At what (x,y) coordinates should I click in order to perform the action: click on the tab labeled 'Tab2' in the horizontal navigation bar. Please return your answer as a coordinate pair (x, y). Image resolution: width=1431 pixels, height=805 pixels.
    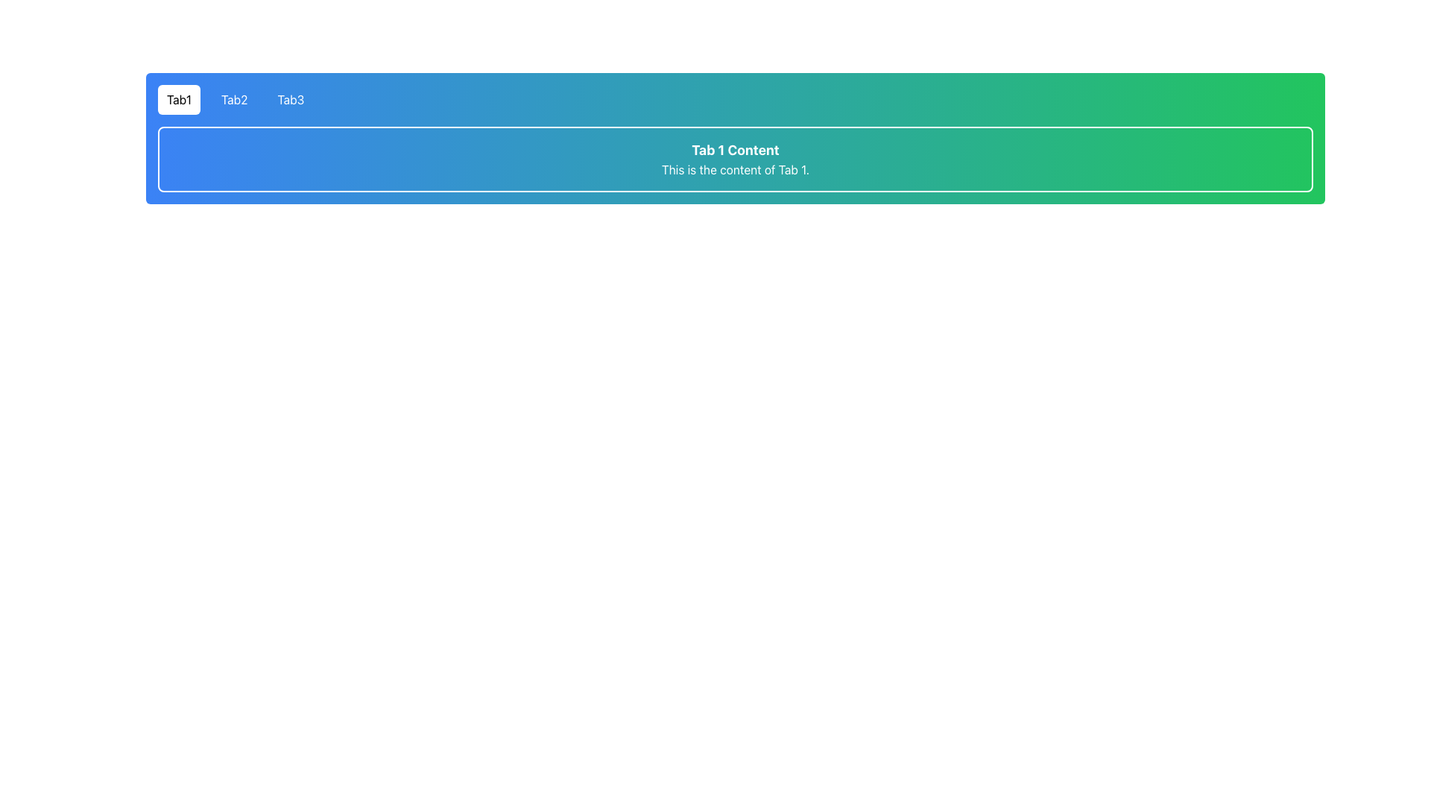
    Looking at the image, I should click on (233, 100).